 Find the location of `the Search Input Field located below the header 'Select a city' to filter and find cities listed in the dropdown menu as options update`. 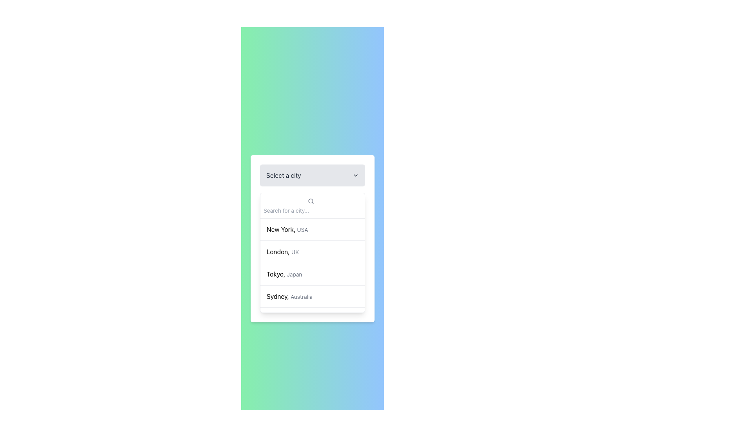

the Search Input Field located below the header 'Select a city' to filter and find cities listed in the dropdown menu as options update is located at coordinates (312, 205).